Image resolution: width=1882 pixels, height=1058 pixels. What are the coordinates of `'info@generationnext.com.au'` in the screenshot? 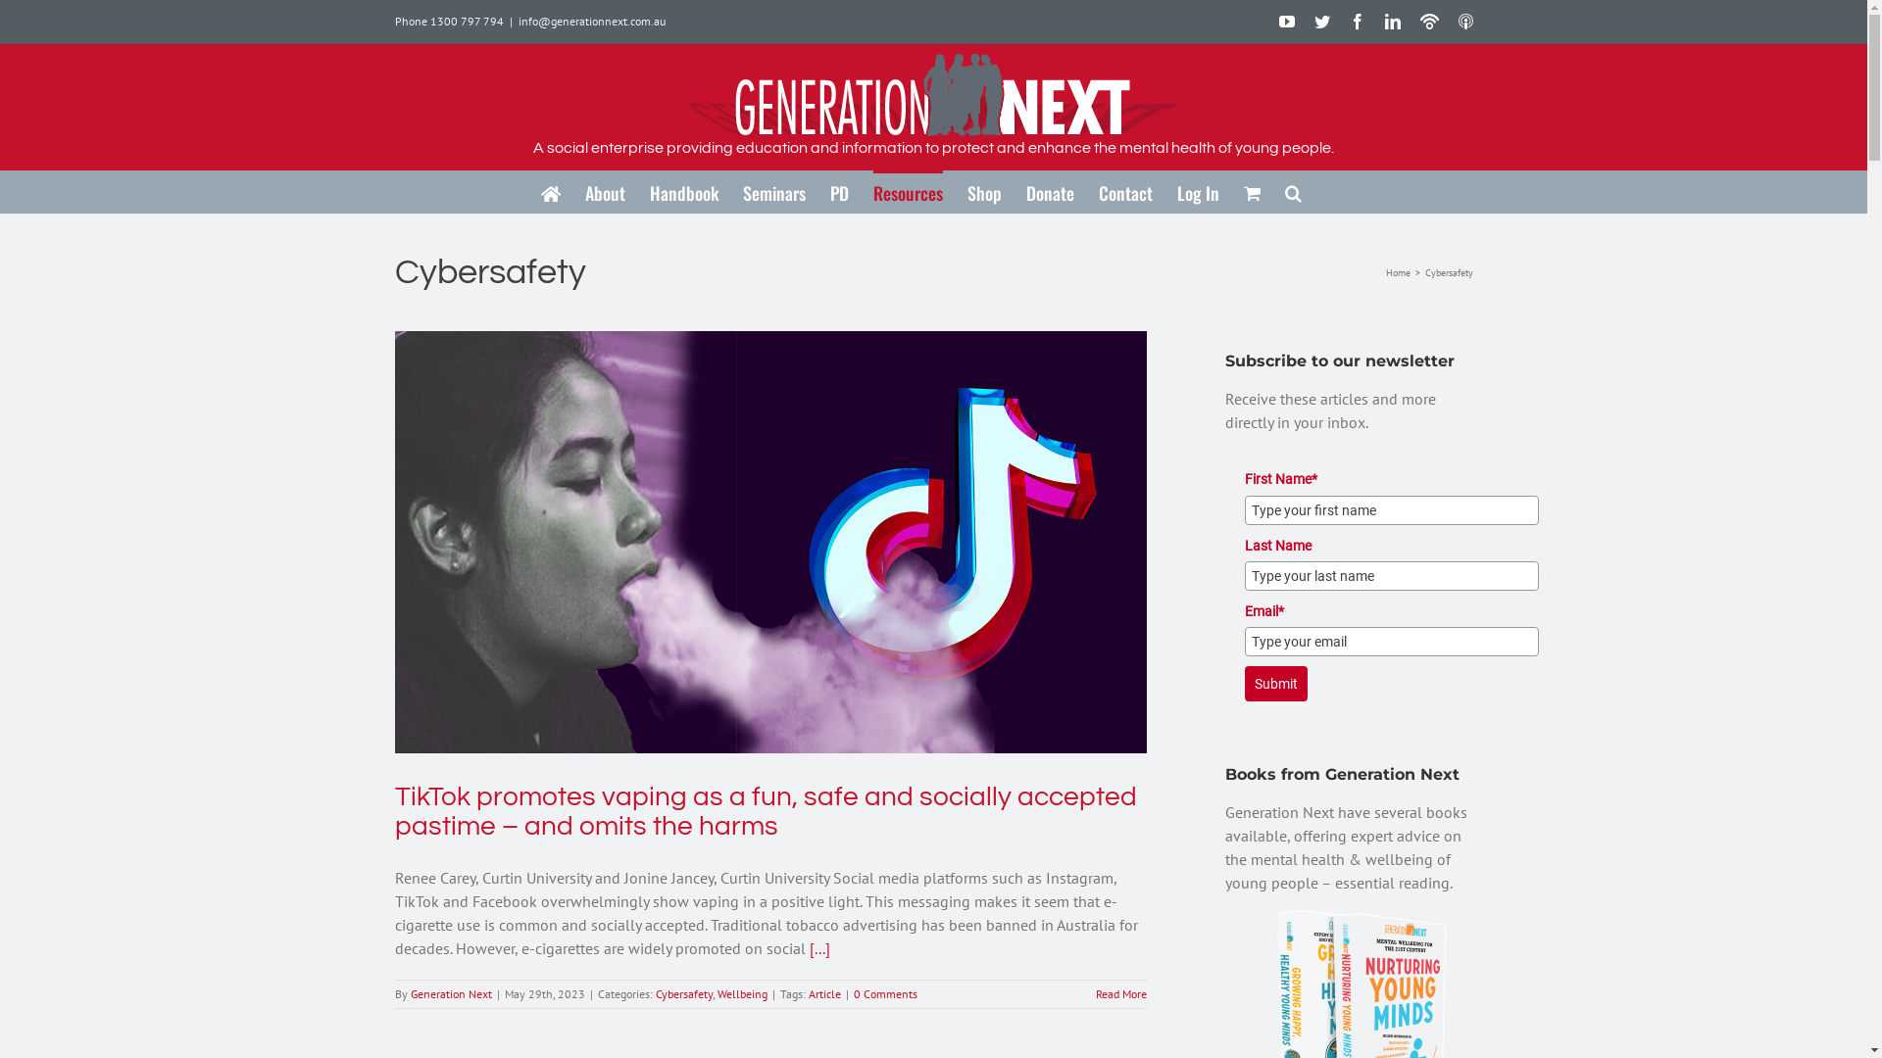 It's located at (590, 21).